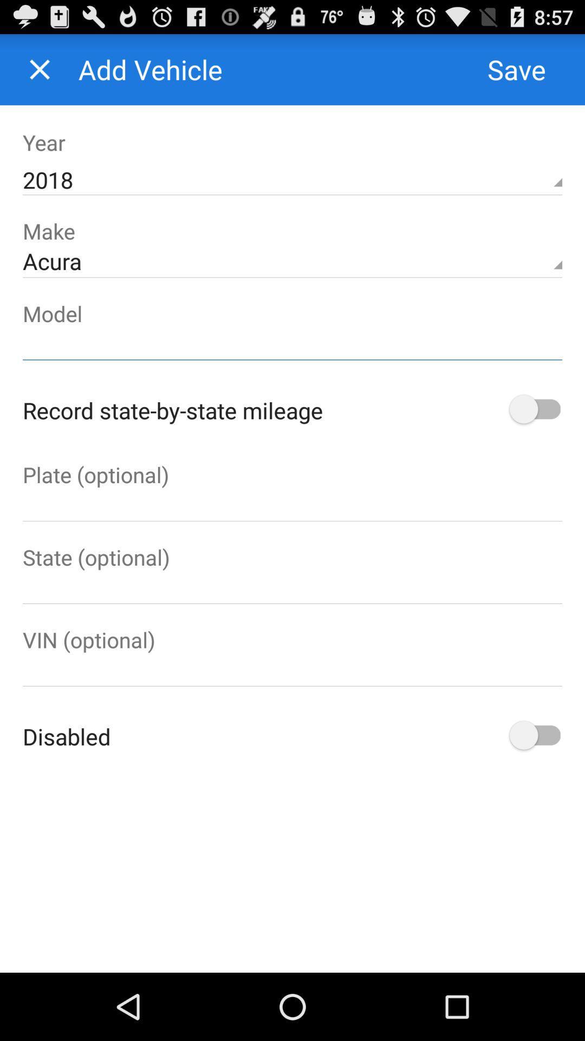  What do you see at coordinates (39, 69) in the screenshot?
I see `add vehicle` at bounding box center [39, 69].